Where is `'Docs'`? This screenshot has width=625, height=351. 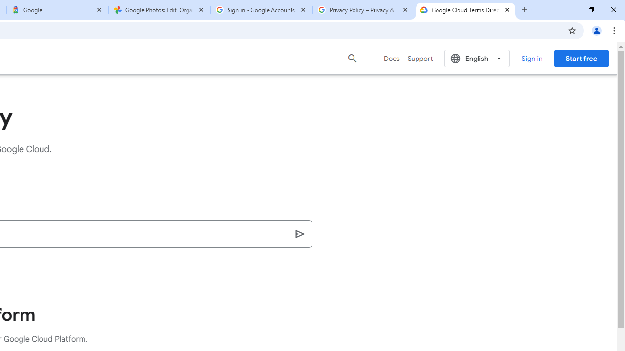 'Docs' is located at coordinates (392, 58).